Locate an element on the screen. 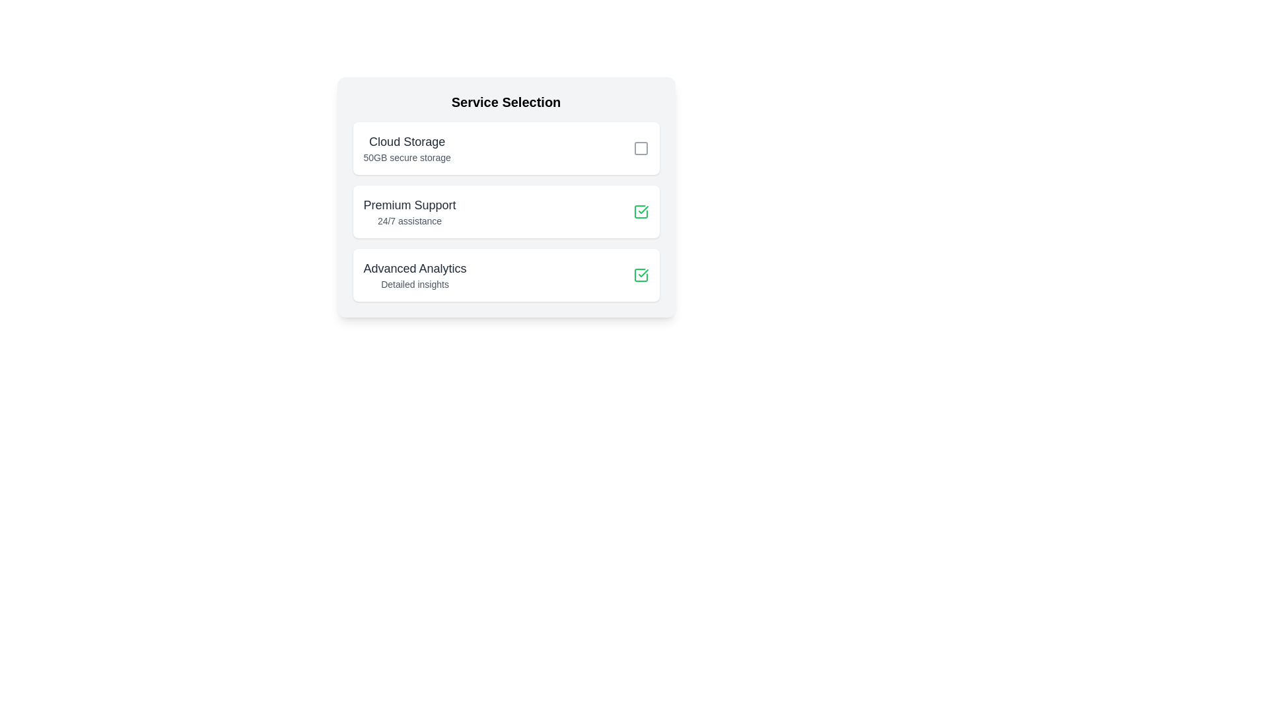 The width and height of the screenshot is (1268, 713). the checkbox on the second card in the 'Service Selection' section is located at coordinates (505, 197).